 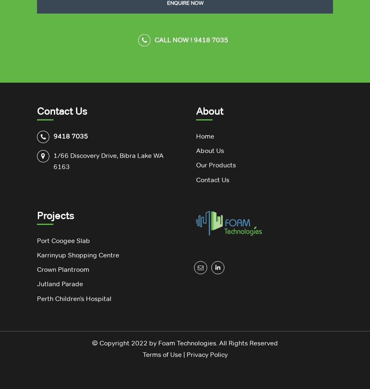 What do you see at coordinates (78, 254) in the screenshot?
I see `'Karrinyup Shopping Centre'` at bounding box center [78, 254].